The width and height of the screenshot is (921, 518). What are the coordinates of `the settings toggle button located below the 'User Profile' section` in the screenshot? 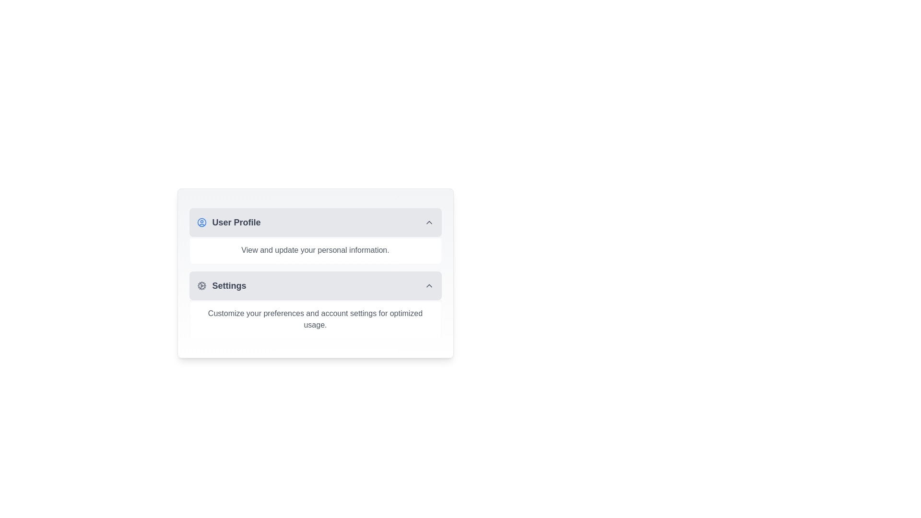 It's located at (315, 285).